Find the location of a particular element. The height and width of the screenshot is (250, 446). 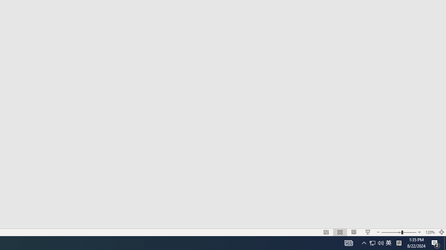

'Zoom In' is located at coordinates (419, 232).